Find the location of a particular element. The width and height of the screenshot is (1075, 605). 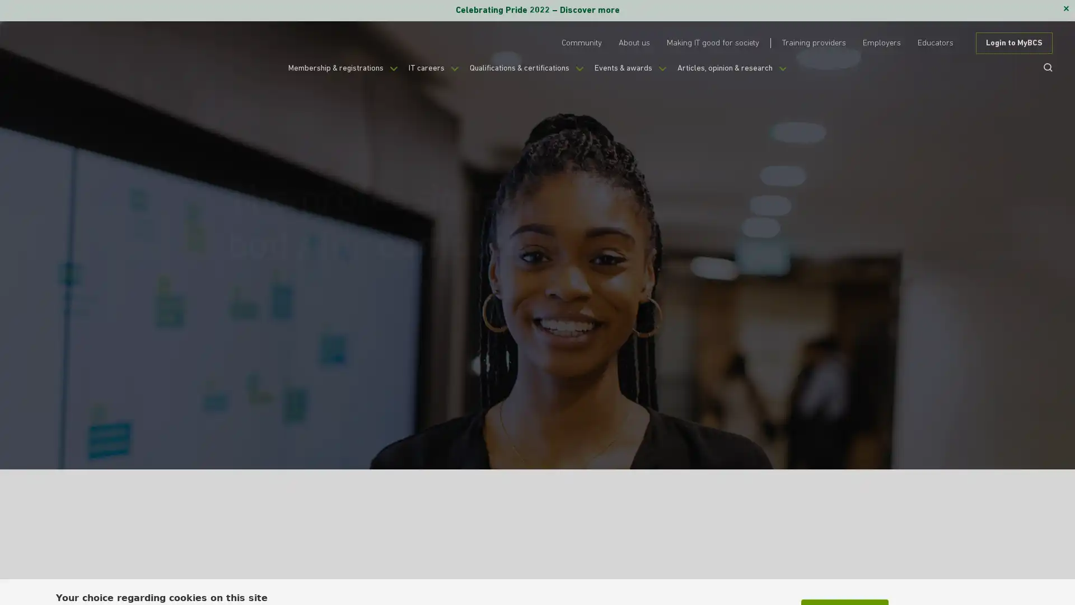

Events & awards is located at coordinates (640, 74).